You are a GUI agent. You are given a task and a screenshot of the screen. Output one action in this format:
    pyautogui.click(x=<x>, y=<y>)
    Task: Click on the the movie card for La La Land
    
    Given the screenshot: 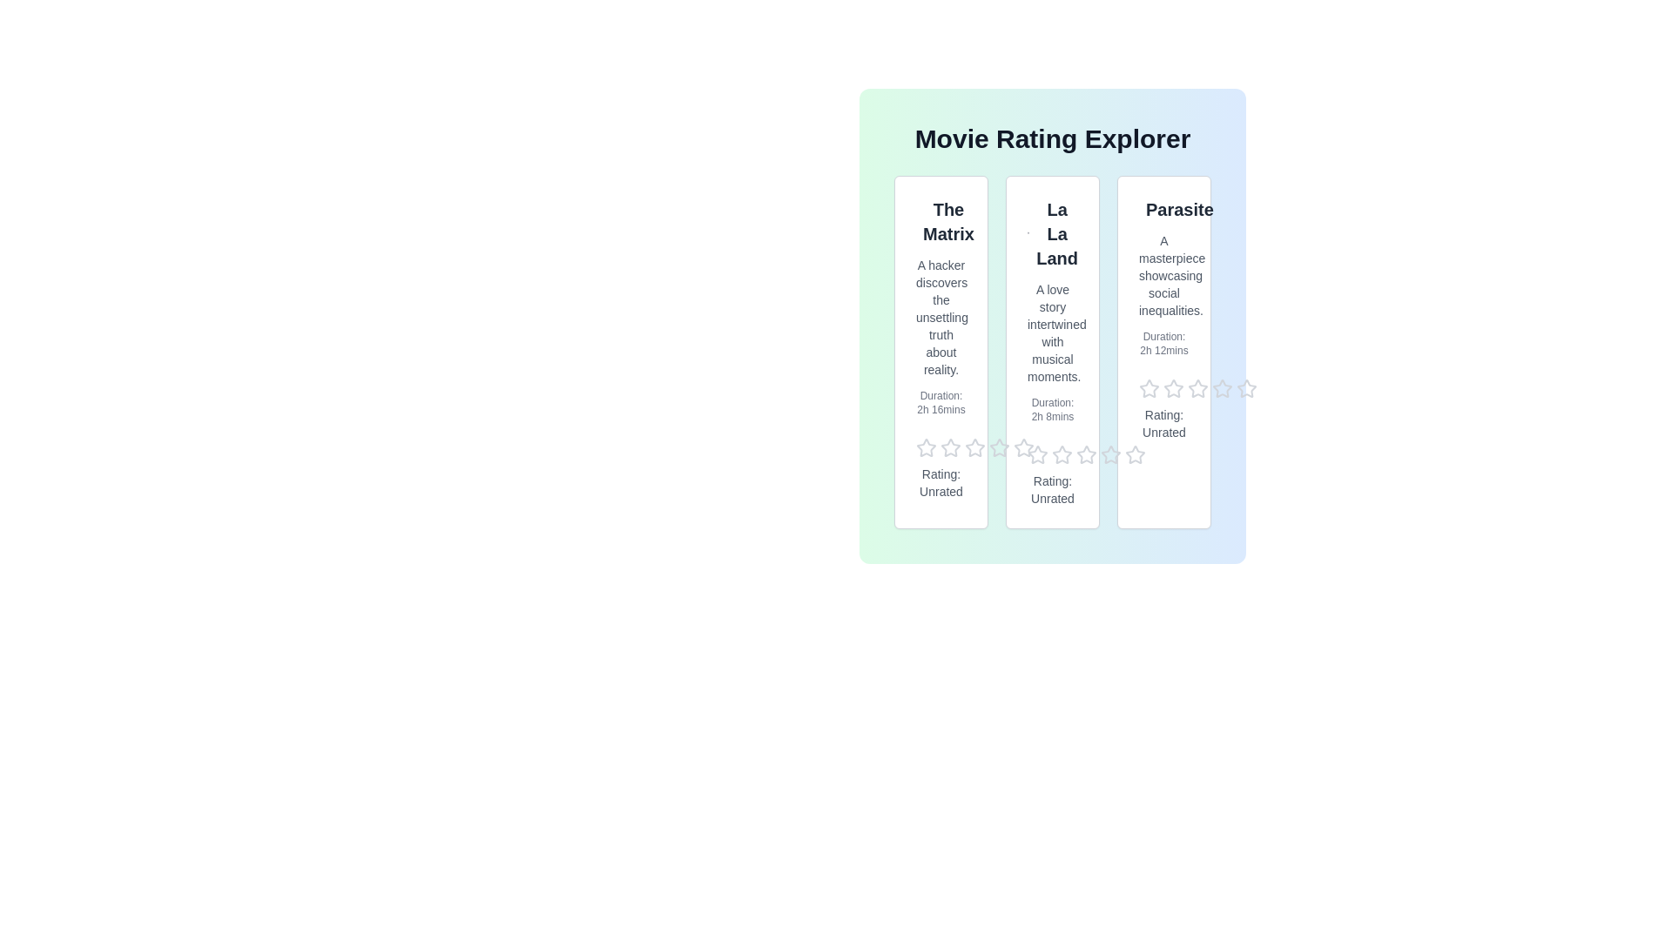 What is the action you would take?
    pyautogui.click(x=1052, y=352)
    